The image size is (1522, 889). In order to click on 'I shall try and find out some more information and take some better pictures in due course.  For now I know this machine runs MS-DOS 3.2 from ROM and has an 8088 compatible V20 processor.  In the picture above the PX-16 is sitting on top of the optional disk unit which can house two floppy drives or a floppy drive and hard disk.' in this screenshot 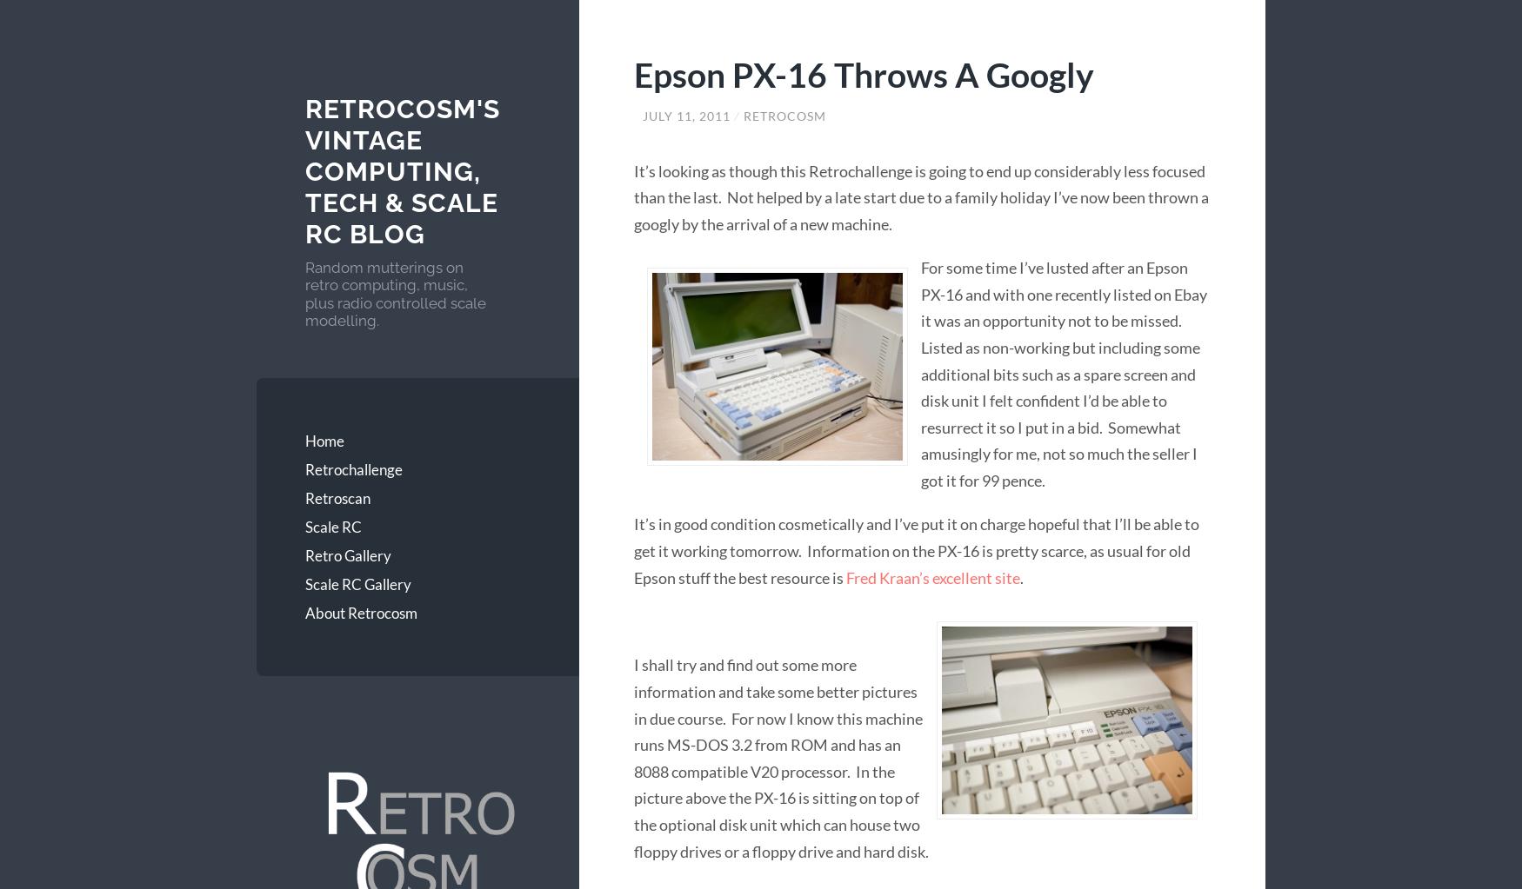, I will do `click(780, 758)`.